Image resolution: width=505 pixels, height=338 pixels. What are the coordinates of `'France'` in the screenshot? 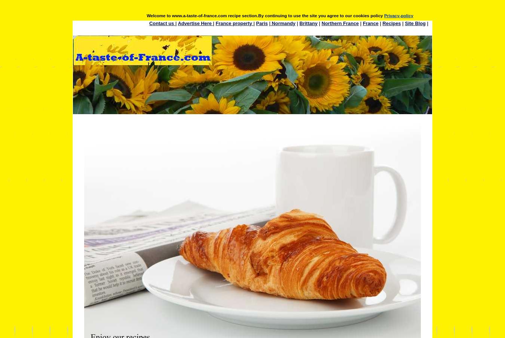 It's located at (370, 22).